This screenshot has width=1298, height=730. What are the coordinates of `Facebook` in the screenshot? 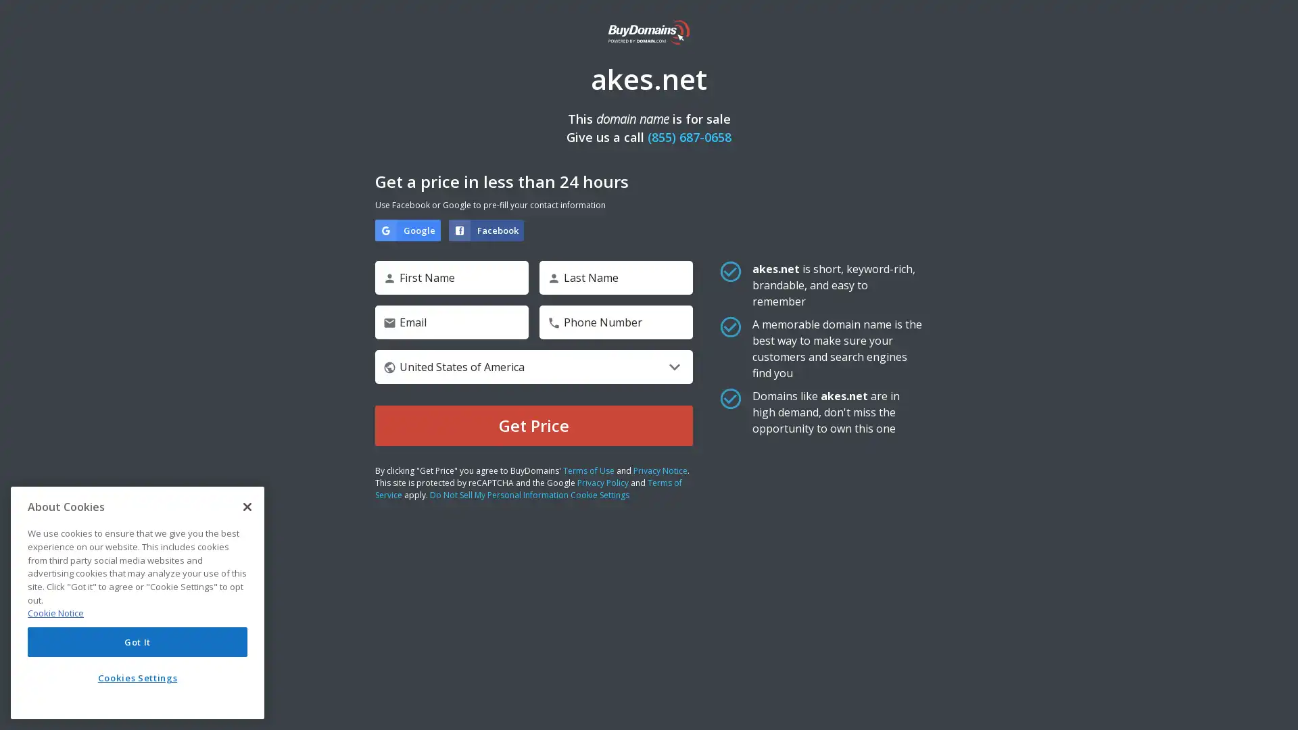 It's located at (486, 229).